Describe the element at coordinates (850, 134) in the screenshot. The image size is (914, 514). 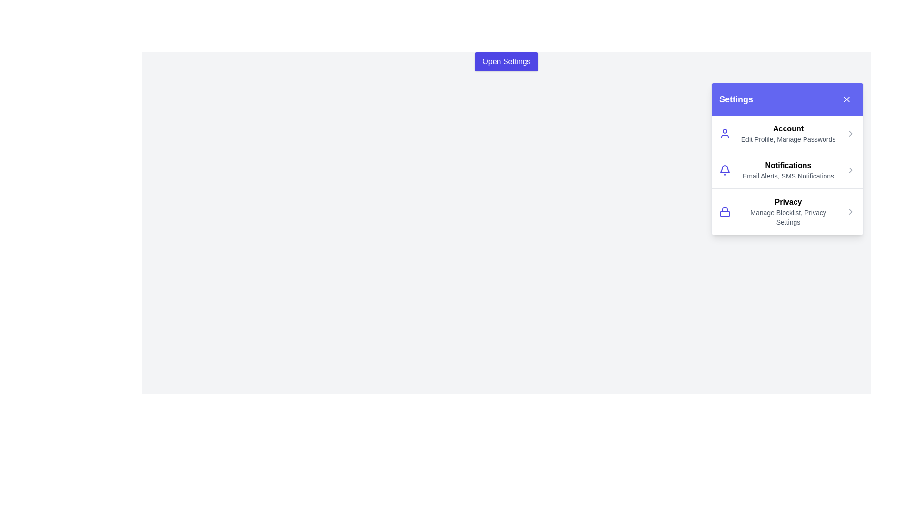
I see `the chevron icon in the Notifications row of the Settings menu to indicate its functionality as a navigational cue` at that location.